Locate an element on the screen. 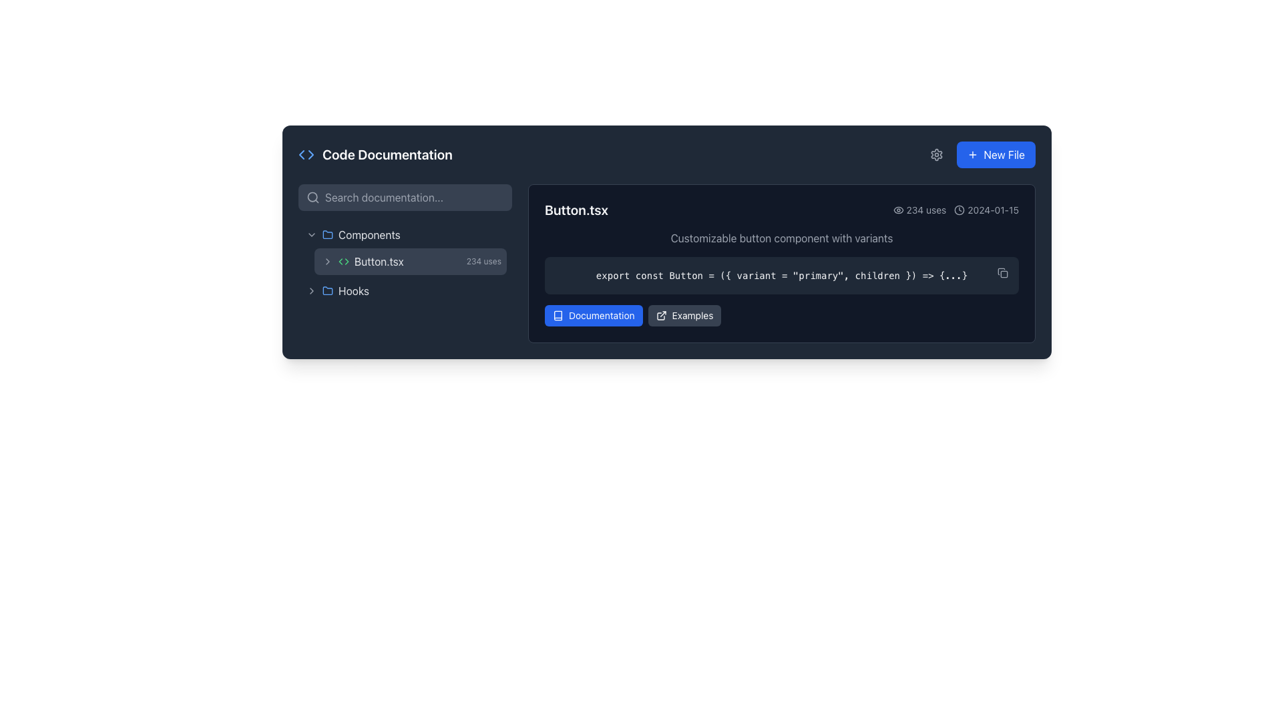 This screenshot has width=1282, height=721. the sixth text label in the left panel, which represents a category or feature within the interface, located below 'Button.tsx' is located at coordinates (353, 290).